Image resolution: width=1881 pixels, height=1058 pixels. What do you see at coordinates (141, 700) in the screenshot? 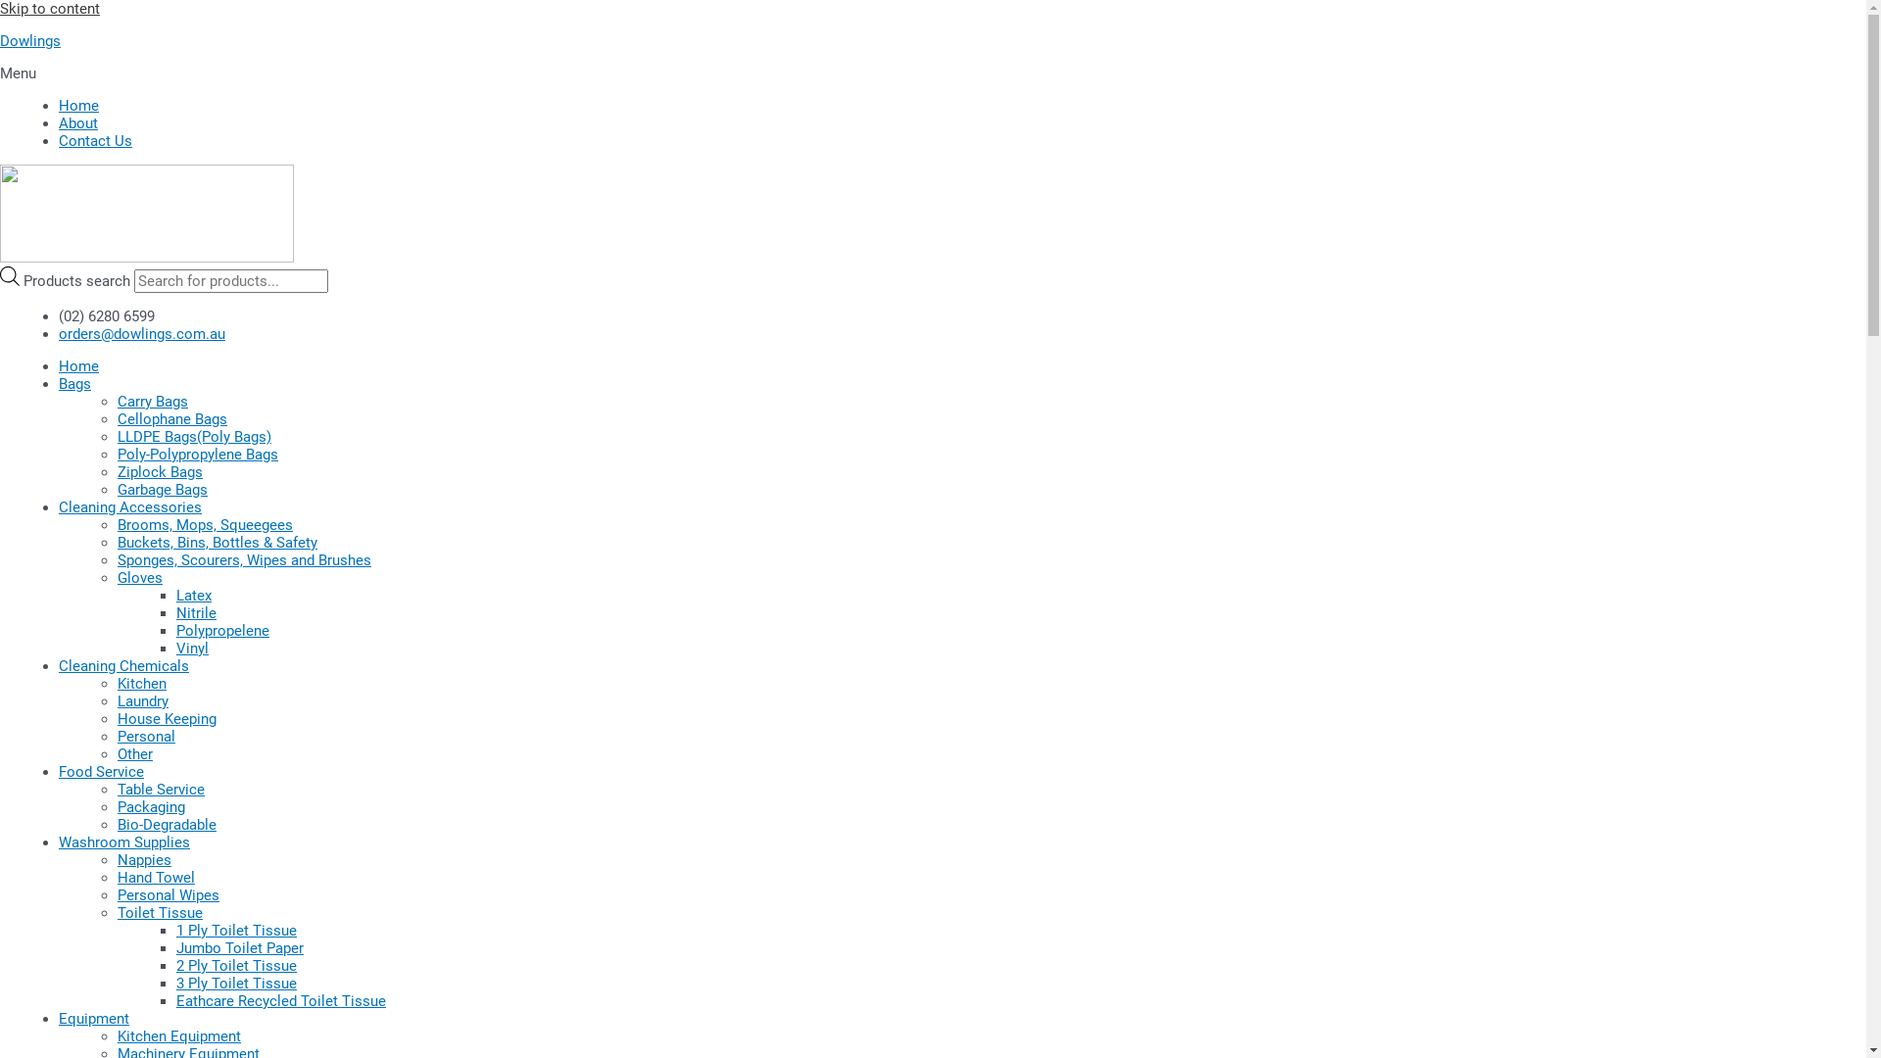
I see `'Laundry'` at bounding box center [141, 700].